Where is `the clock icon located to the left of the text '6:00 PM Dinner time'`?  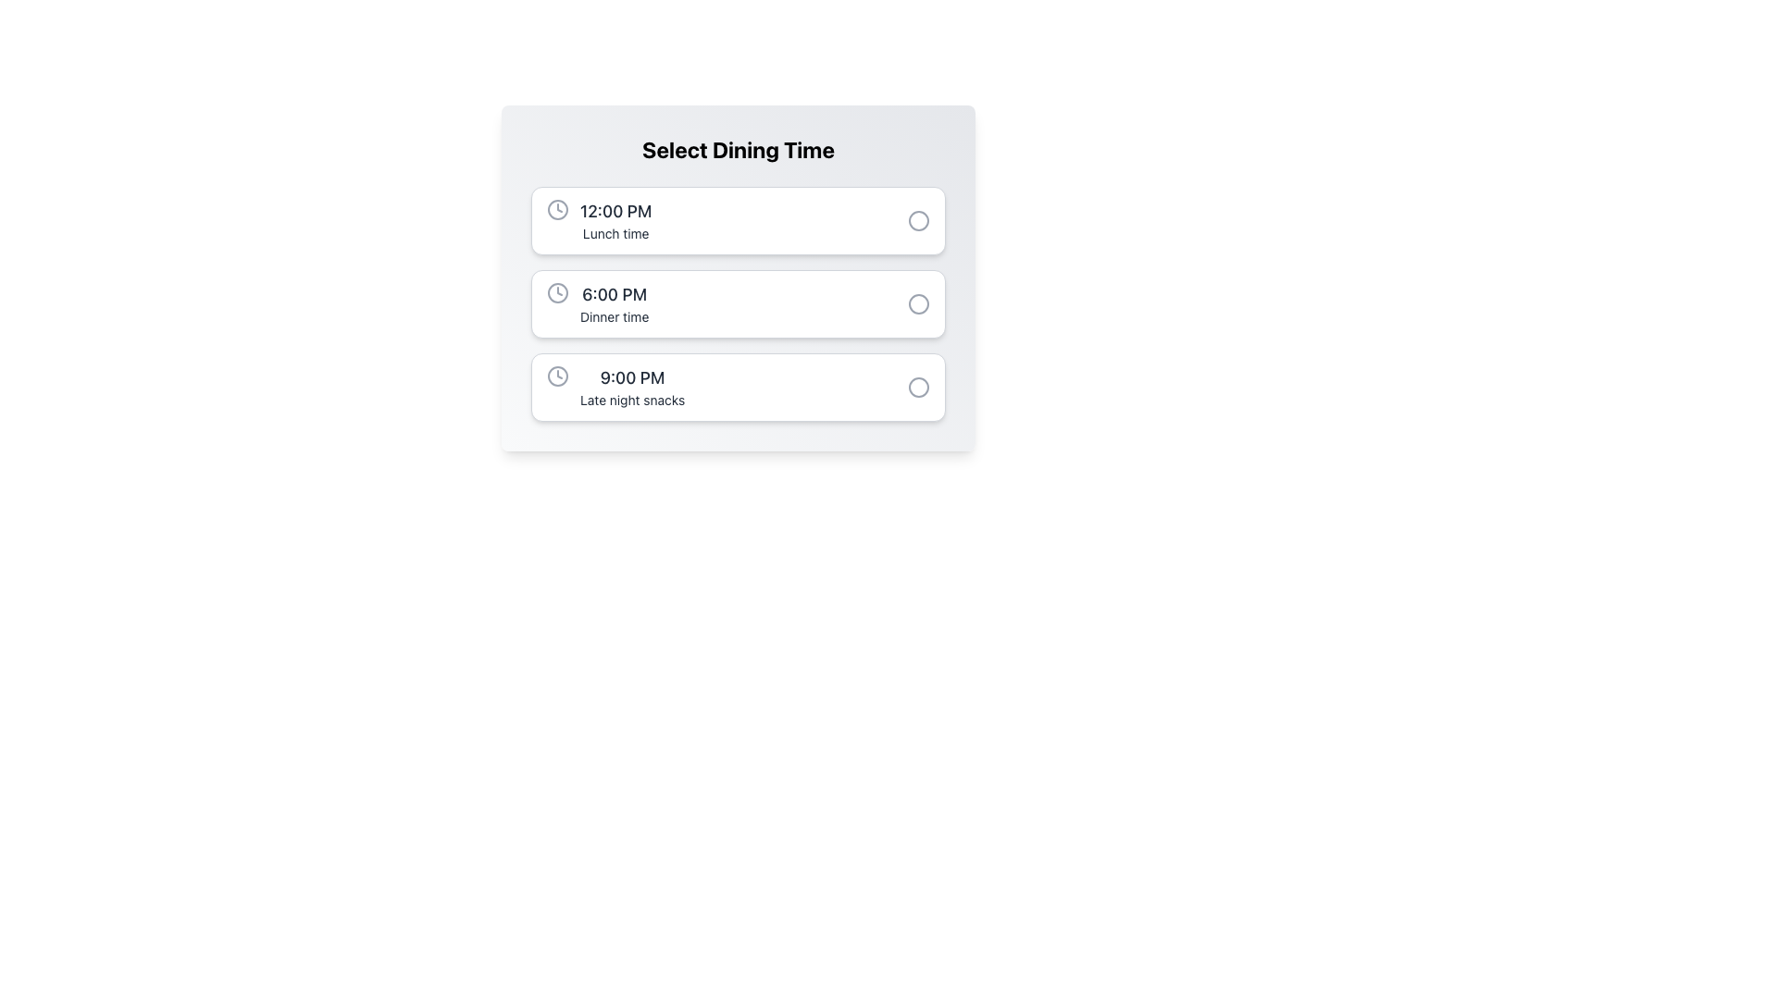
the clock icon located to the left of the text '6:00 PM Dinner time' is located at coordinates (557, 291).